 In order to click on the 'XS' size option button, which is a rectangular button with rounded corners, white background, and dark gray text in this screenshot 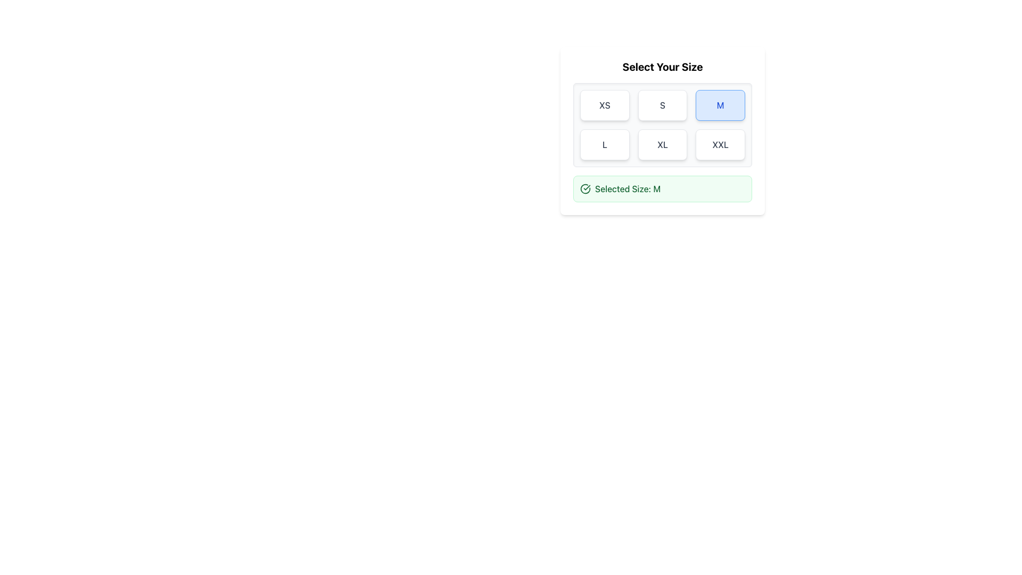, I will do `click(605, 105)`.